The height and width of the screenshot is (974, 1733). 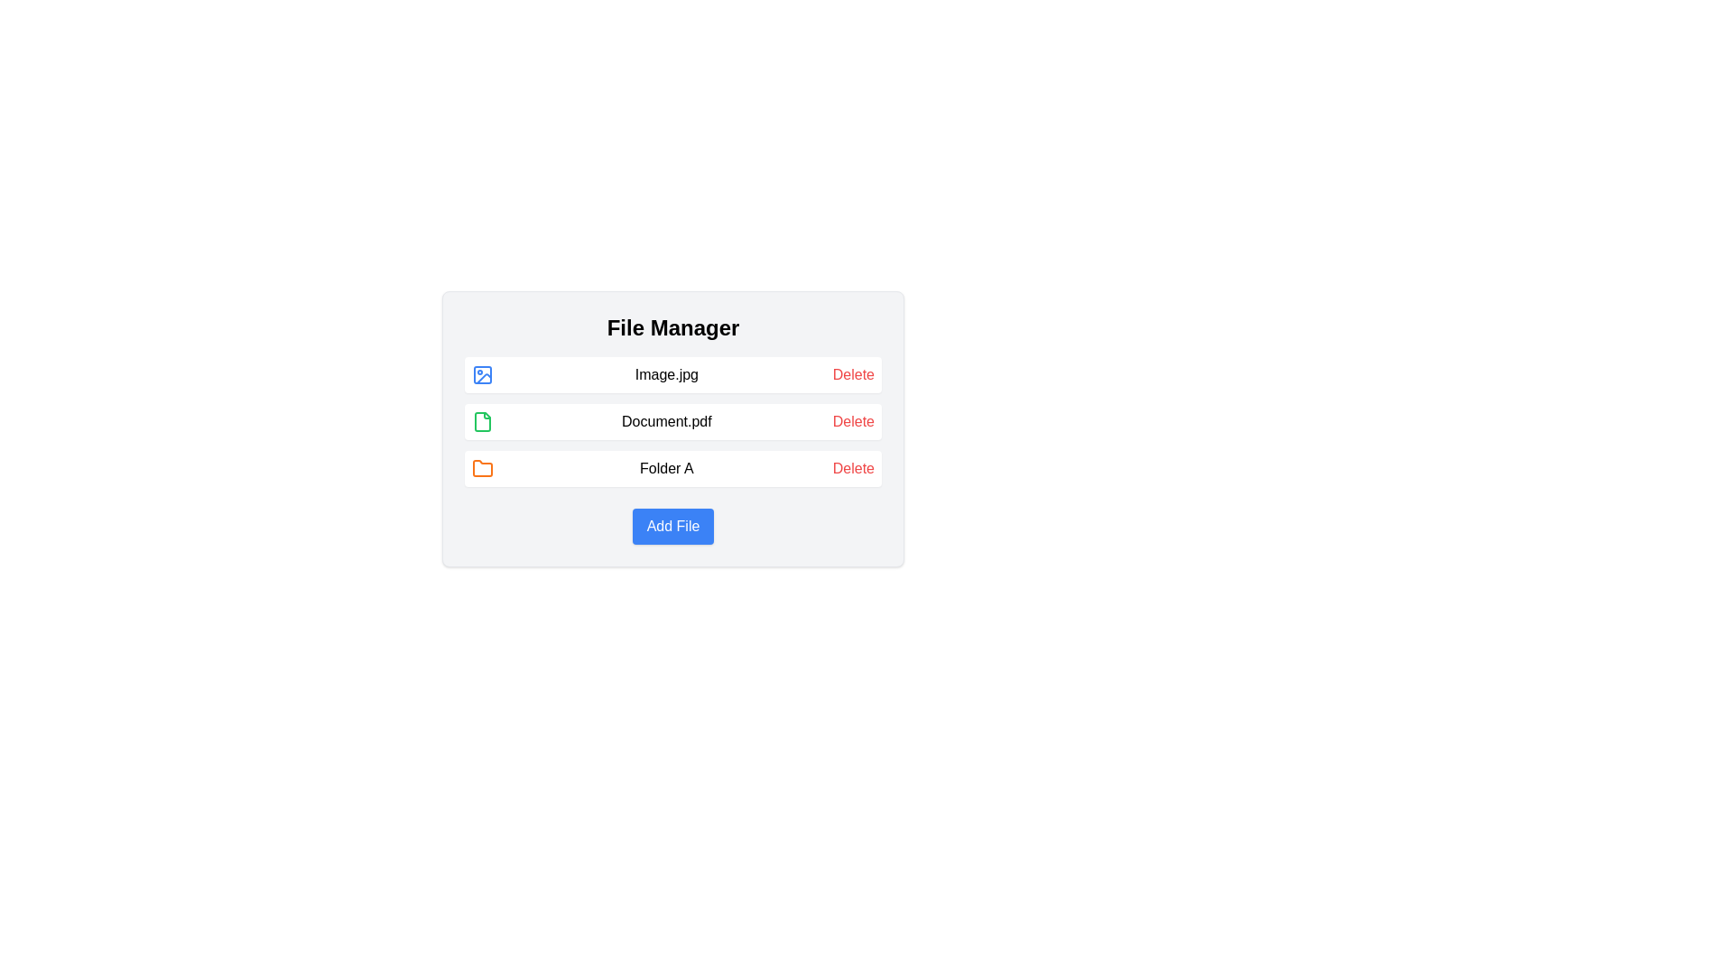 What do you see at coordinates (482, 374) in the screenshot?
I see `the small rectangle with rounded corners that is a decorative shape within the SVG file icon, positioned in the top-left corner of the icon next to 'Image.jpg'` at bounding box center [482, 374].